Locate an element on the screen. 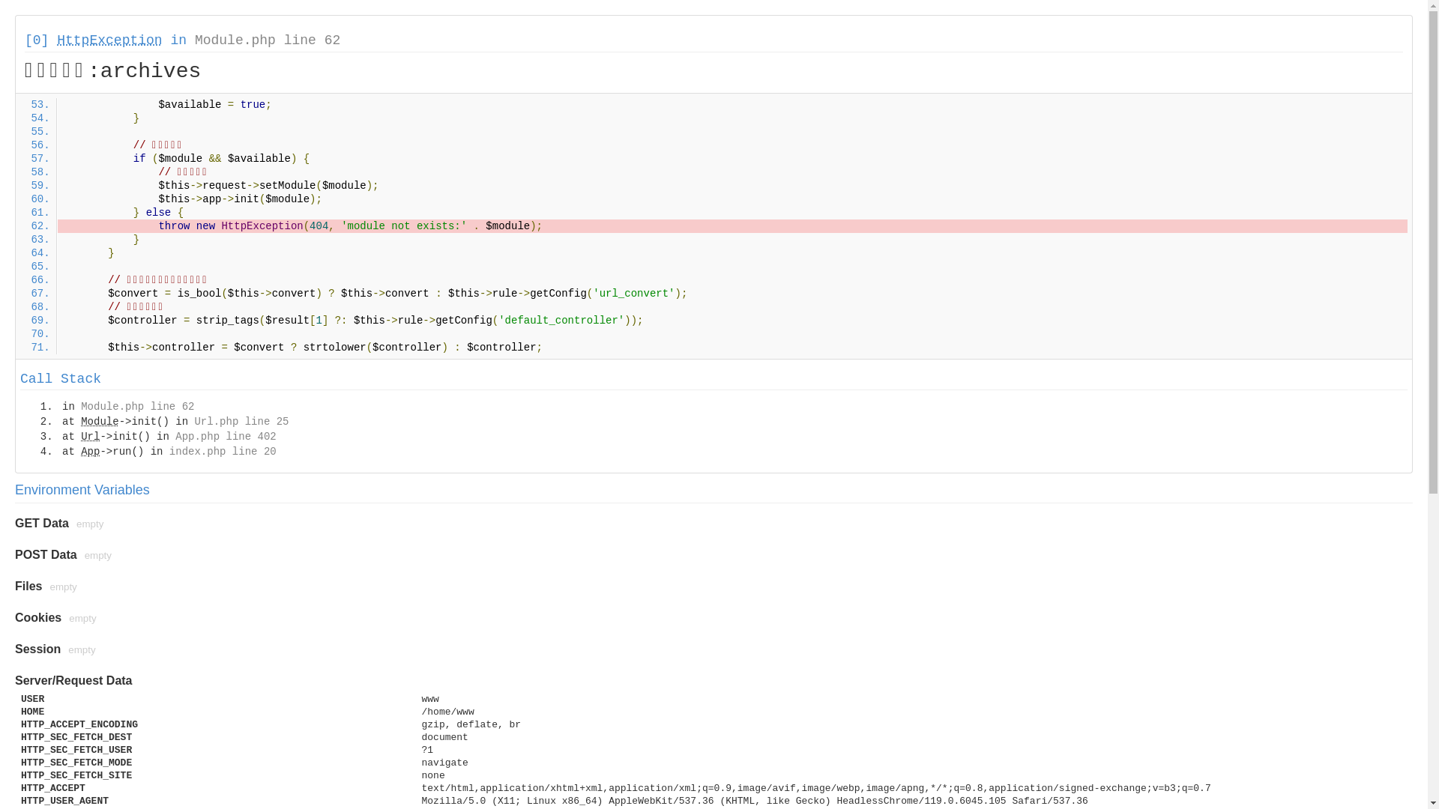  'Module.php line 62' is located at coordinates (80, 407).